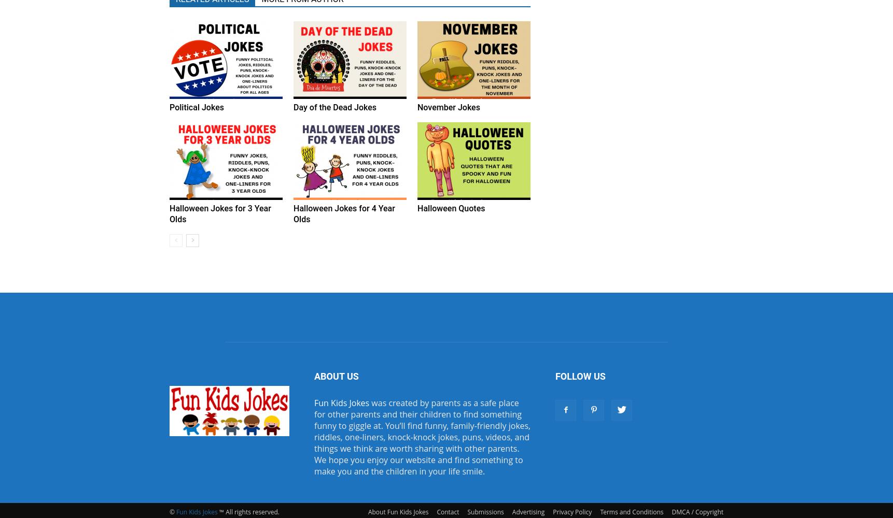  What do you see at coordinates (169, 214) in the screenshot?
I see `'Halloween Jokes for 3 Year Olds'` at bounding box center [169, 214].